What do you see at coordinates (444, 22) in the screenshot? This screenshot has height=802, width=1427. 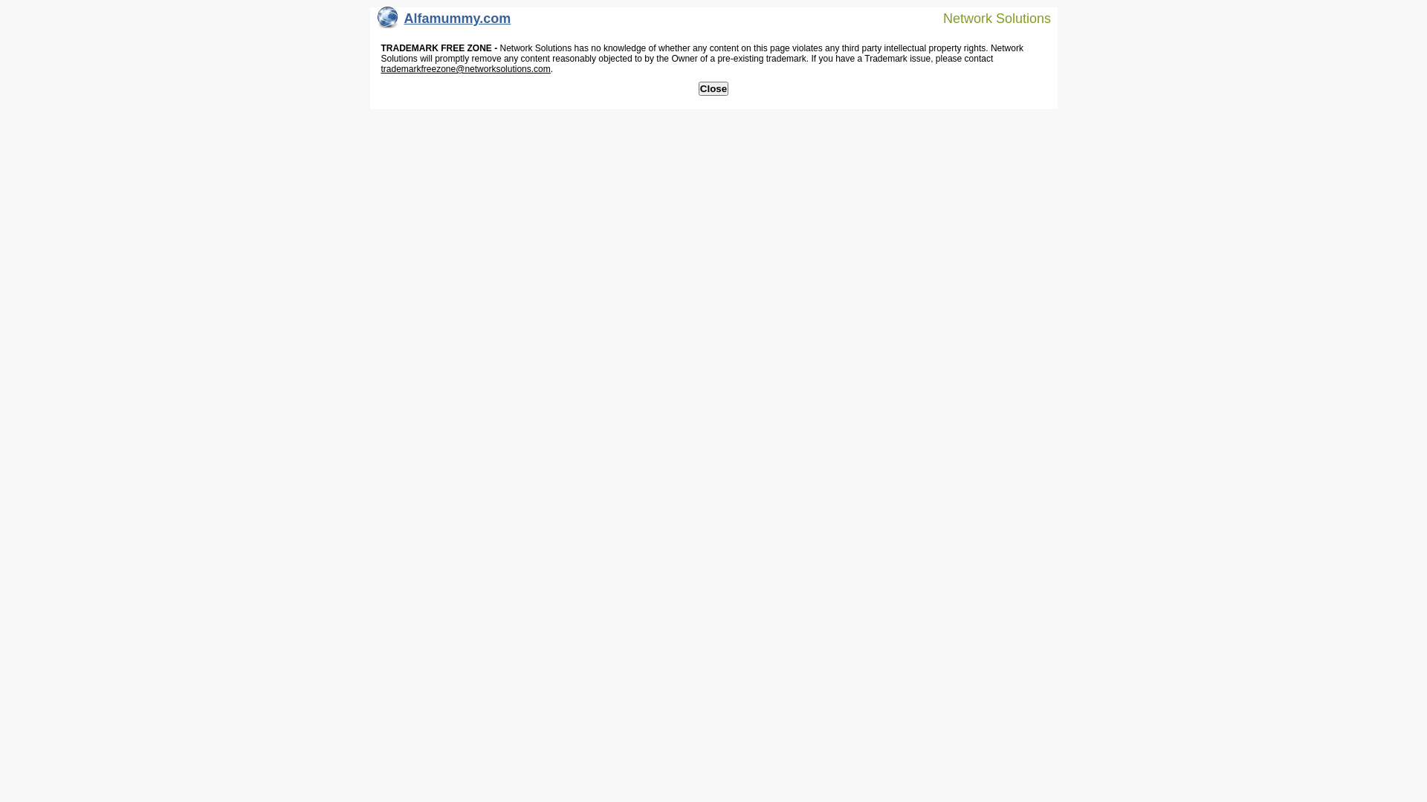 I see `'Alfamummy.com'` at bounding box center [444, 22].